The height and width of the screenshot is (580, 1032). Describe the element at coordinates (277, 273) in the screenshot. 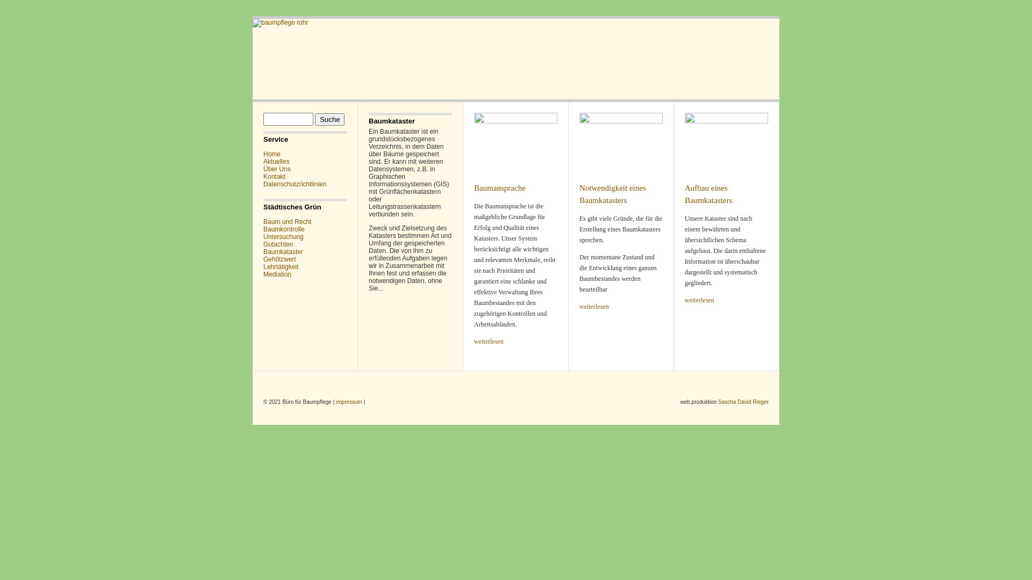

I see `'Mediation'` at that location.